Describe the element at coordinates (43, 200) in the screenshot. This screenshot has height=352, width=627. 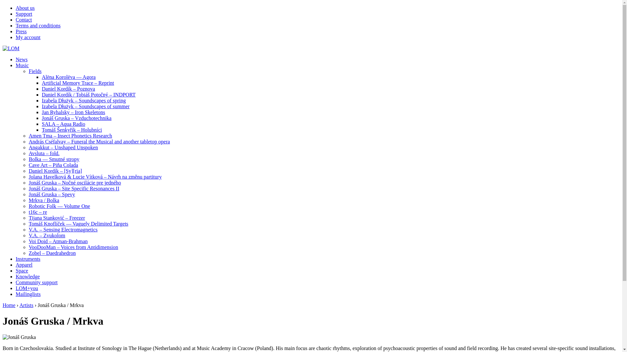
I see `'Mrkva / Bolka'` at that location.